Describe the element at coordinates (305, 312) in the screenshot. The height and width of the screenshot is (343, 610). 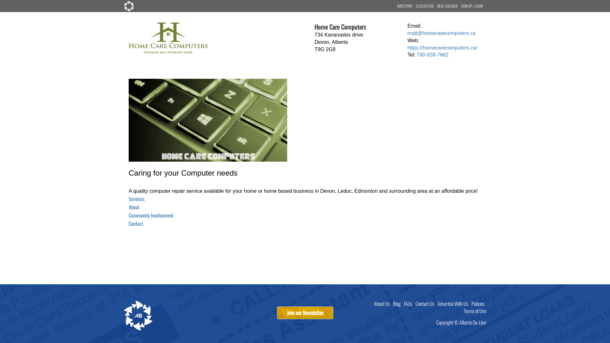
I see `'Join our Newsletter'` at that location.